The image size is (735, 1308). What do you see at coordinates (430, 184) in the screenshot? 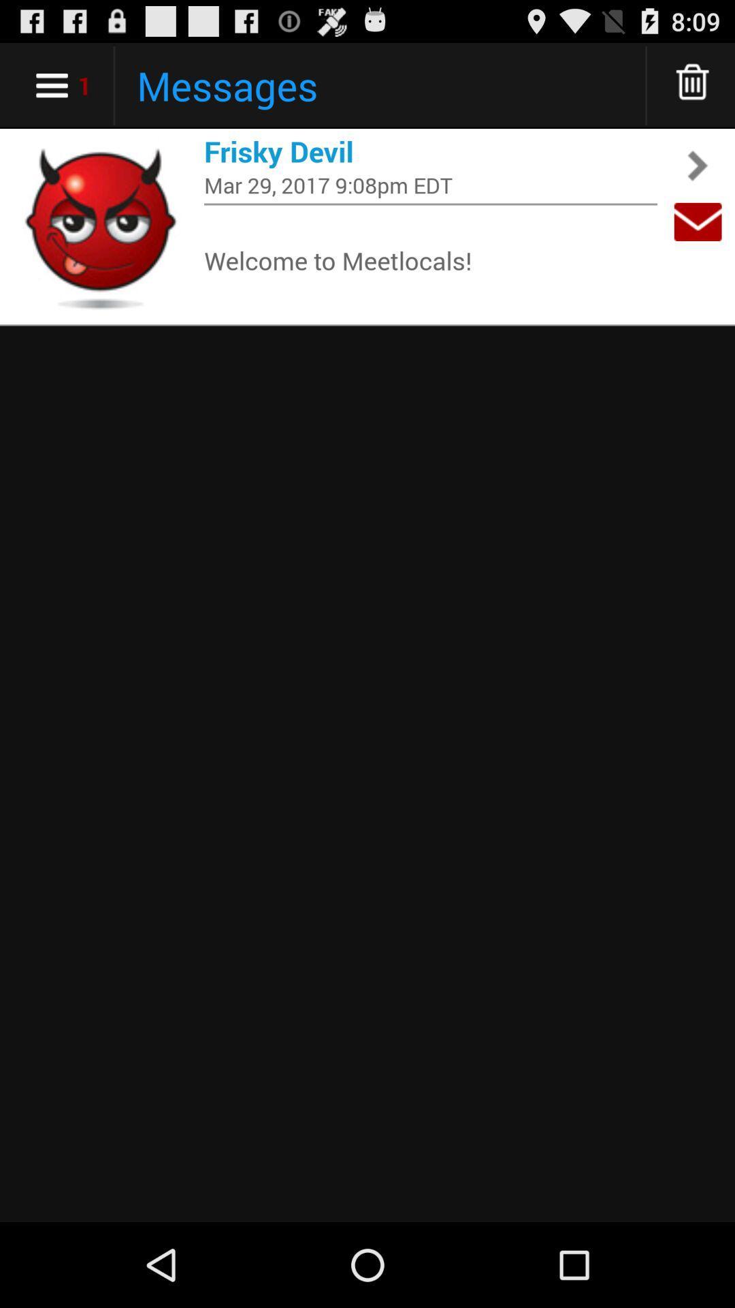
I see `the icon below the frisky devil icon` at bounding box center [430, 184].